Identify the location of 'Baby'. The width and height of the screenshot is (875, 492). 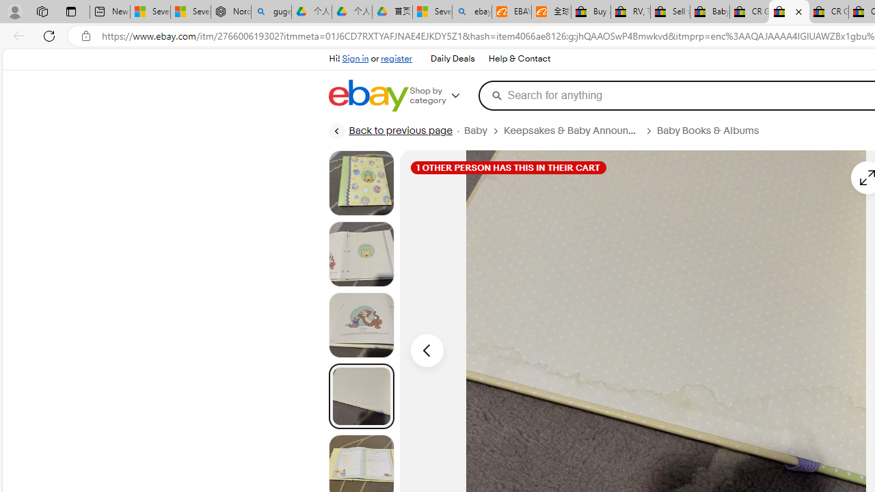
(483, 131).